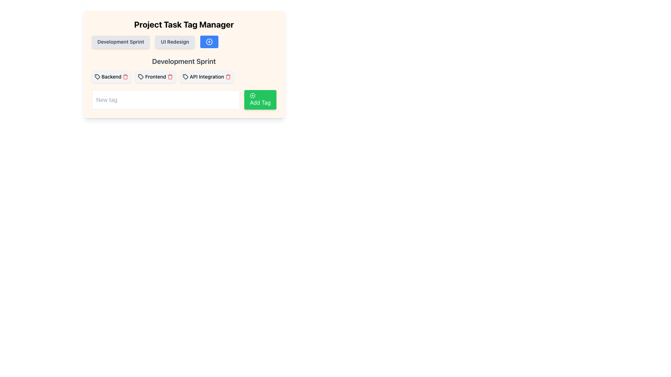  What do you see at coordinates (175, 42) in the screenshot?
I see `the interactive button for 'UI Redesign'` at bounding box center [175, 42].